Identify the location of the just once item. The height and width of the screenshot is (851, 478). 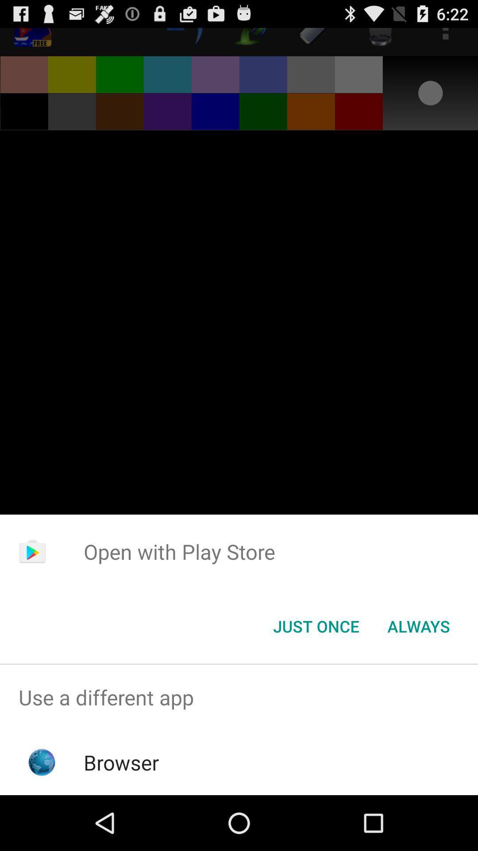
(316, 625).